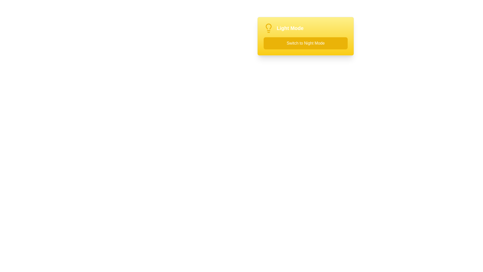 This screenshot has width=483, height=272. Describe the element at coordinates (305, 36) in the screenshot. I see `text of the user interface component designed for toggling between light and night modes, which includes the header 'Light Mode' and the button 'Switch to Night Mode'` at that location.